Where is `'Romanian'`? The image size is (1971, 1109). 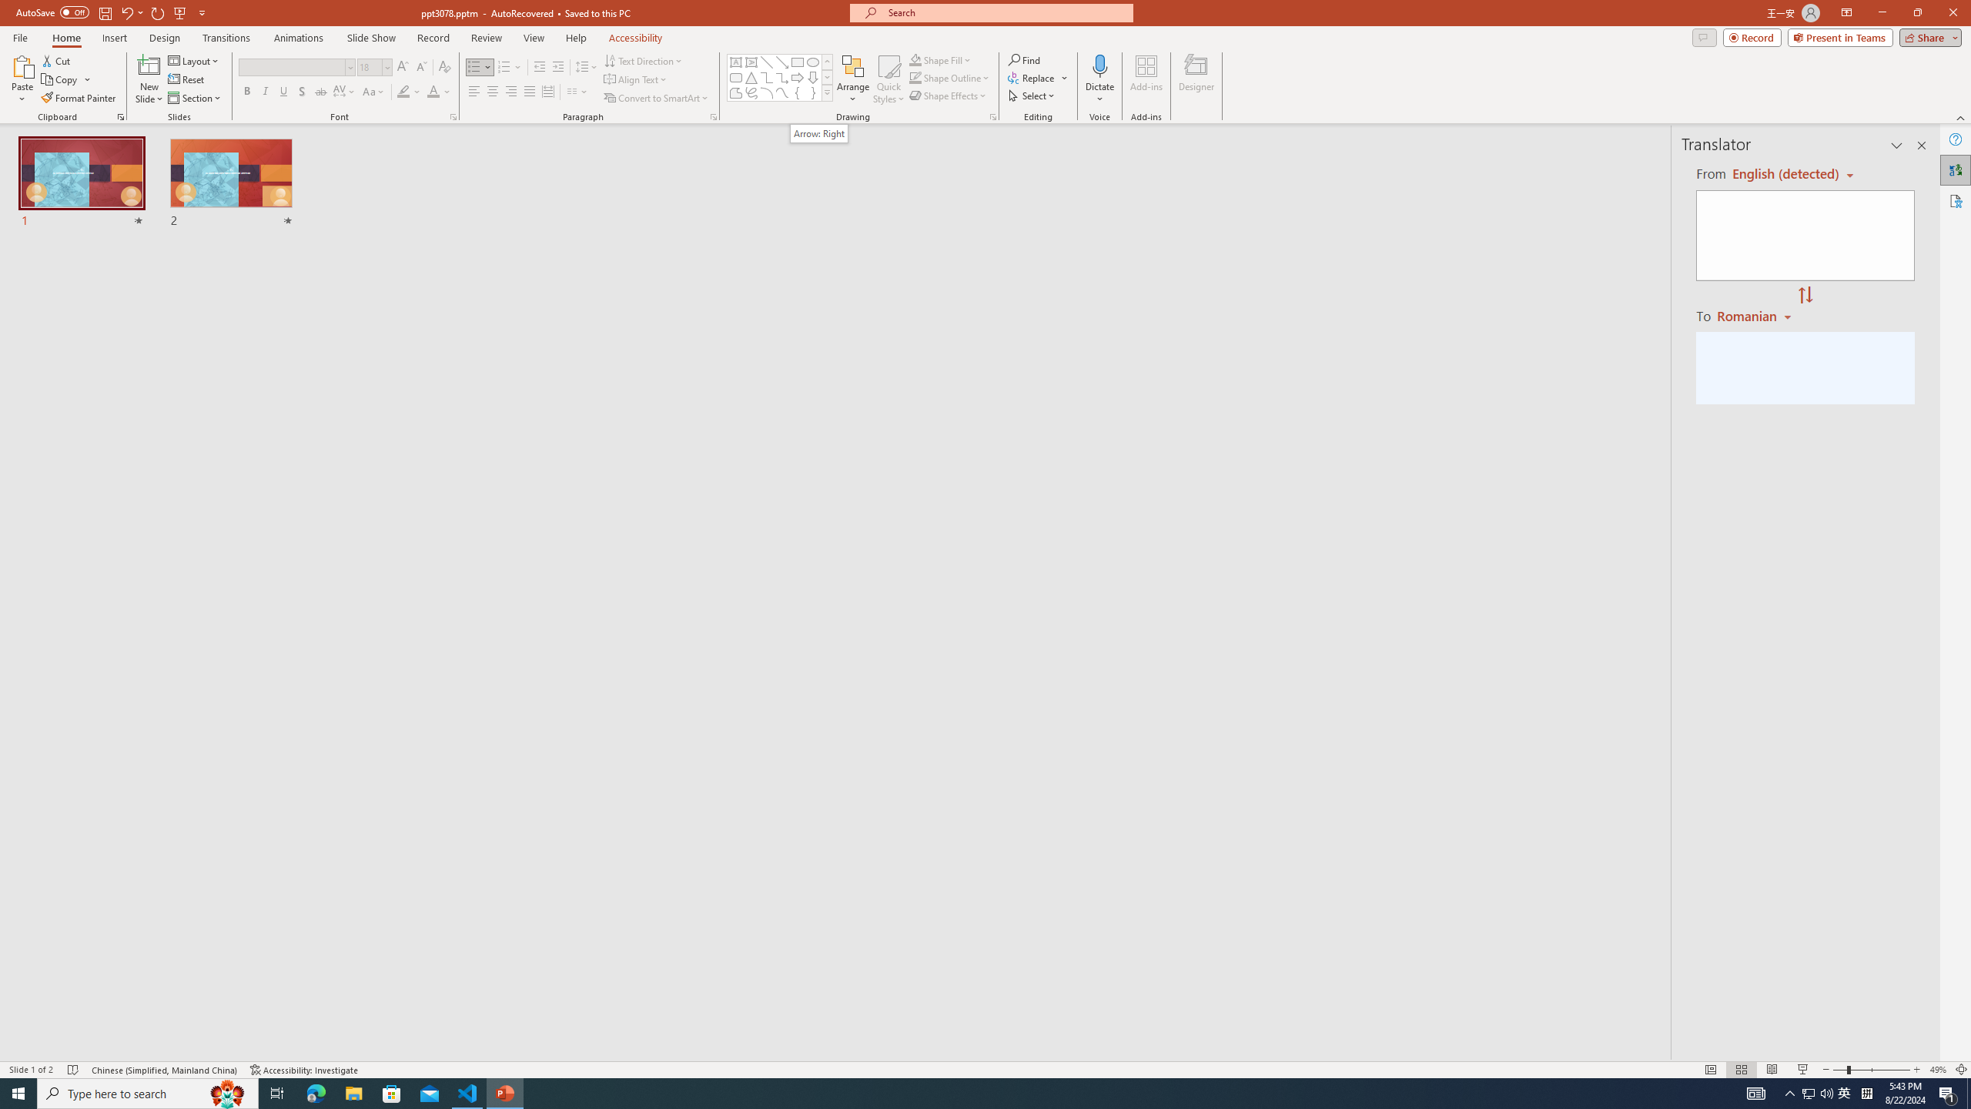 'Romanian' is located at coordinates (1755, 315).